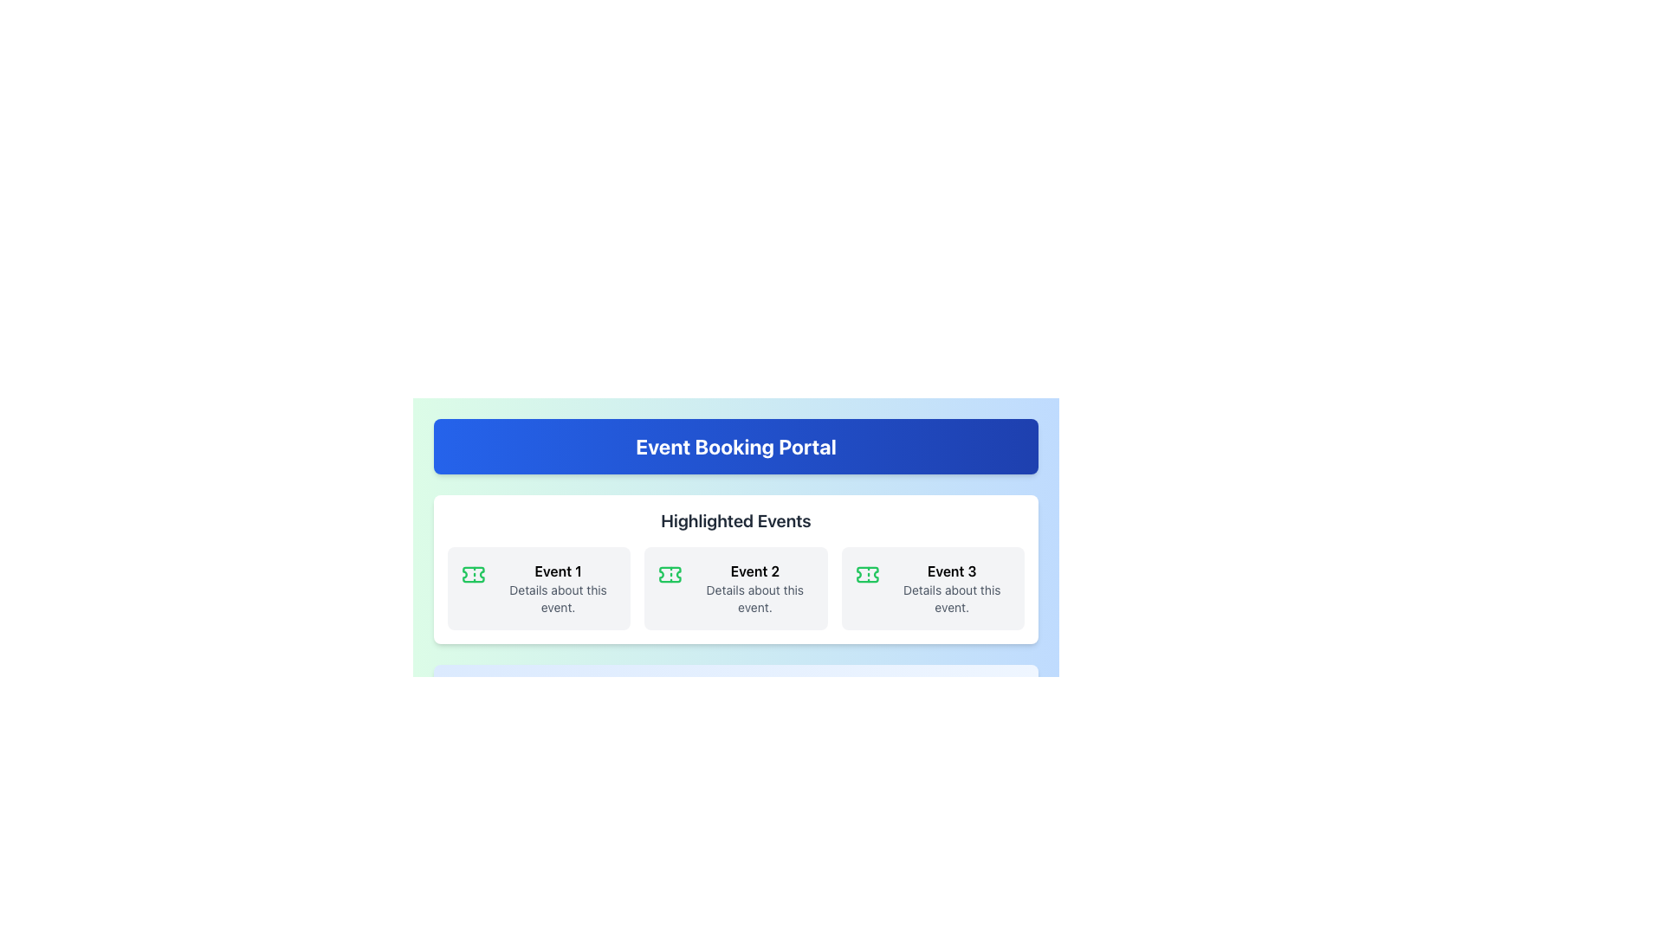  Describe the element at coordinates (951, 597) in the screenshot. I see `the text label providing a summary about 'Event 3', located beneath the bold title in the rightmost card of three event cards` at that location.